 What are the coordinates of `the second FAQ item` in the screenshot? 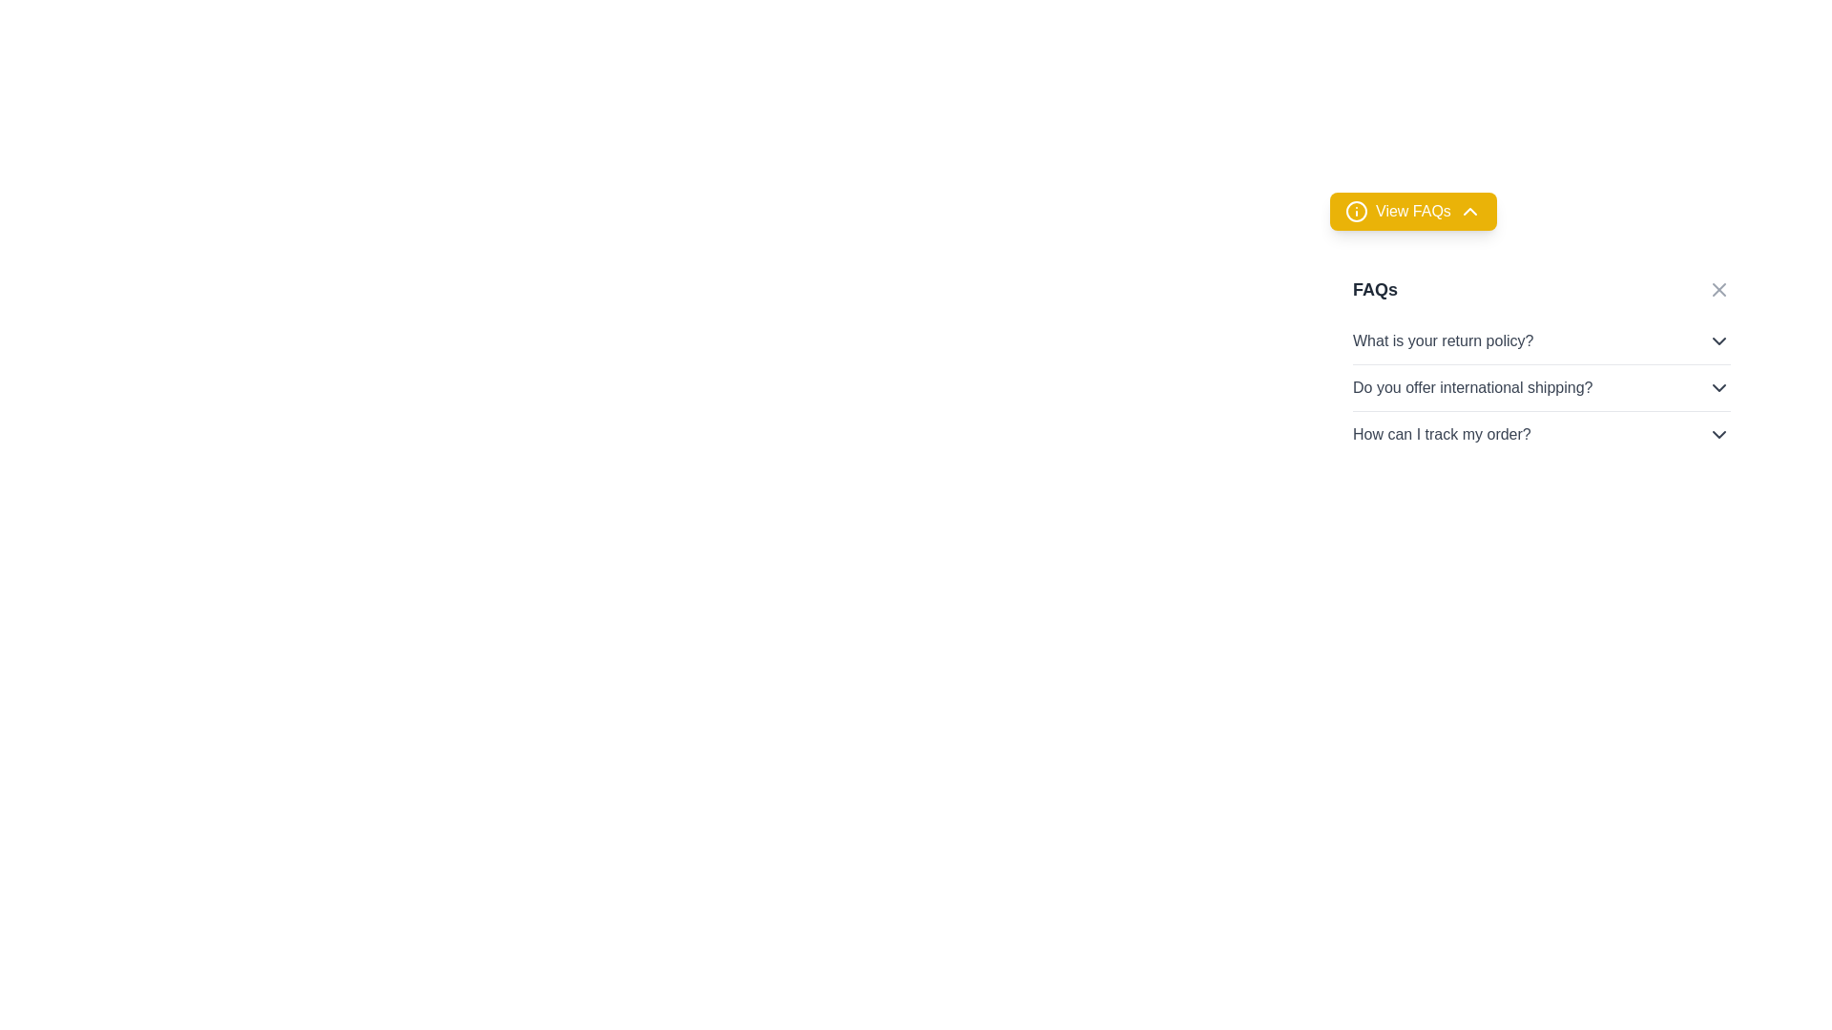 It's located at (1542, 367).